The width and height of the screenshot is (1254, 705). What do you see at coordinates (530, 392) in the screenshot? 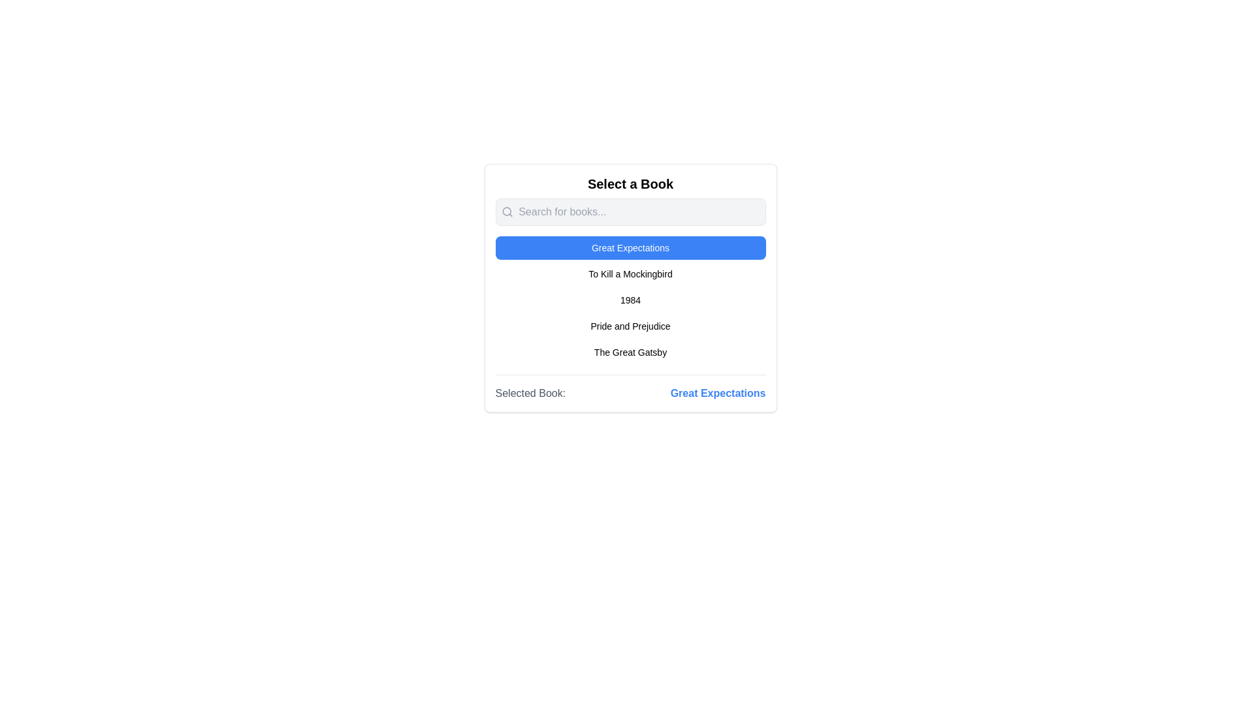
I see `the static text label that indicates the purpose of the adjacent element displaying the title of the user's selected book, located to the left of the 'Great Expectations' text element` at bounding box center [530, 392].